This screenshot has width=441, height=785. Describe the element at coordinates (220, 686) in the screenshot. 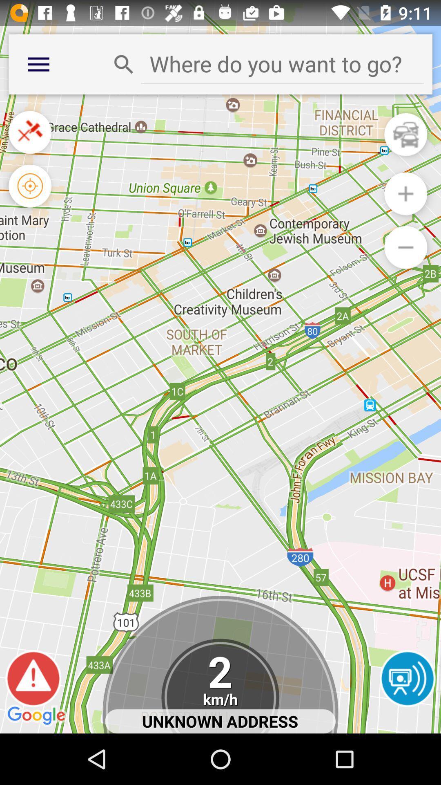

I see `speed gauge display` at that location.